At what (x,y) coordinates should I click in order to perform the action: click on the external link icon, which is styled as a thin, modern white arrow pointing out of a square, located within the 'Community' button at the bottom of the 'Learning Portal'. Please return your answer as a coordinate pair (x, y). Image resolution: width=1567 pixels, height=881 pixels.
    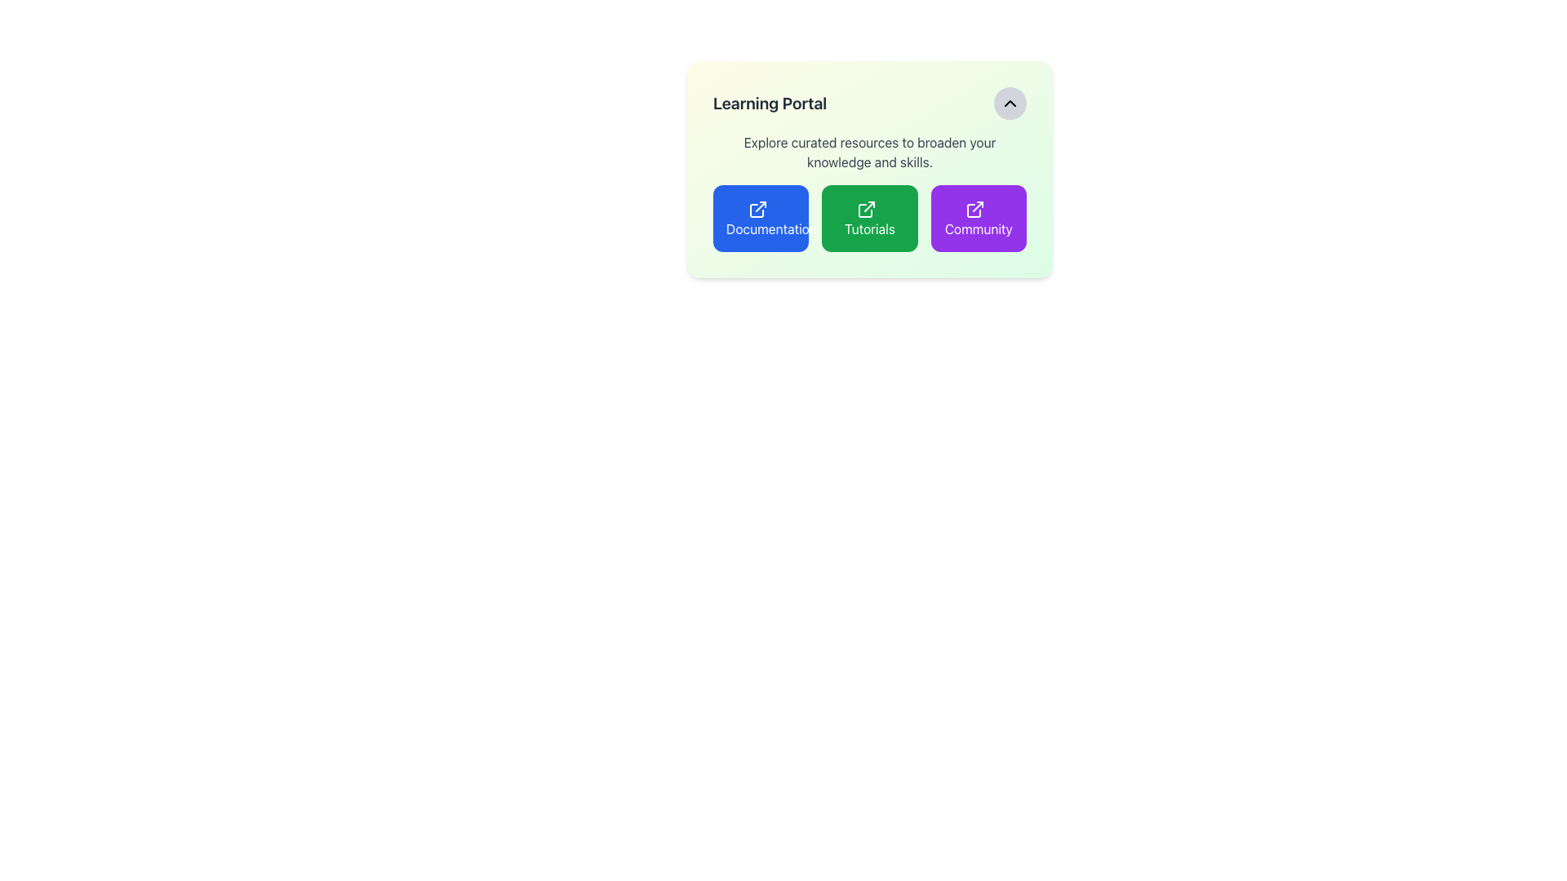
    Looking at the image, I should click on (975, 208).